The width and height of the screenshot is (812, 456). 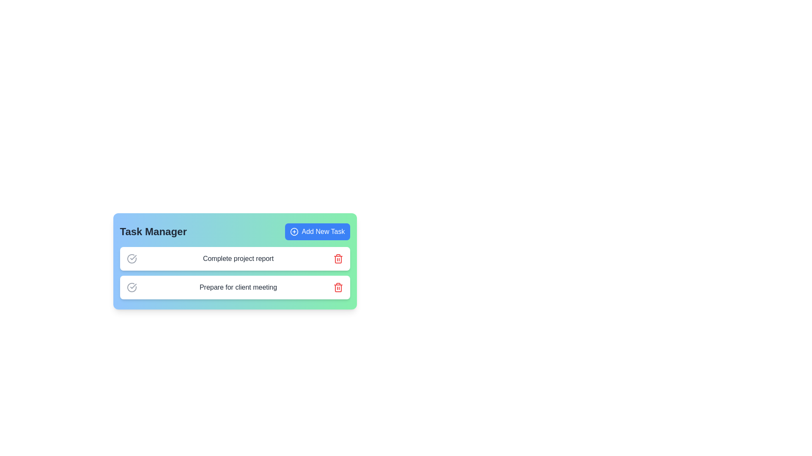 I want to click on the checkmark icon, which is a thin curved line structure located within a circular icon to the left of the second task item in the list, so click(x=133, y=257).